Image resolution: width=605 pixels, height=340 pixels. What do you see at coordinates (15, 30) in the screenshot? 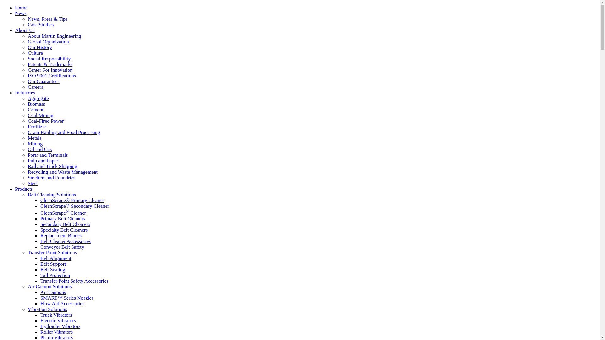
I see `'About Us'` at bounding box center [15, 30].